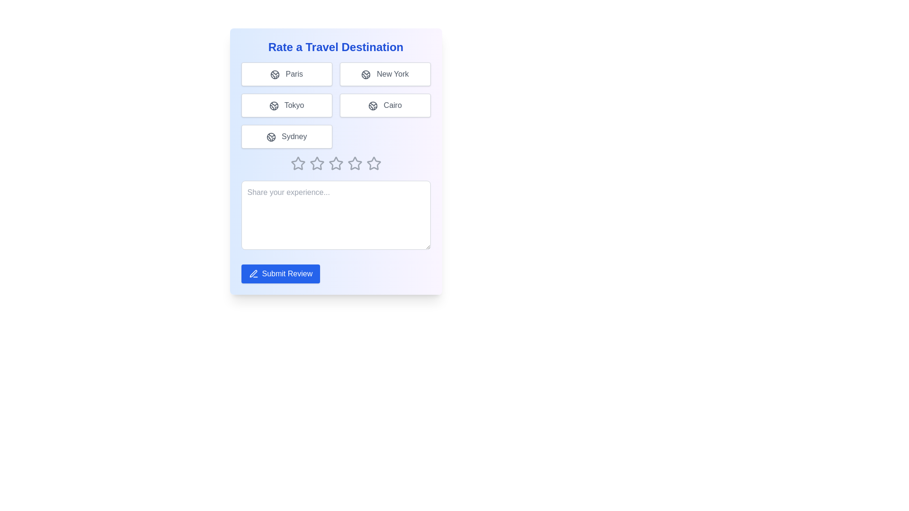 This screenshot has height=511, width=909. What do you see at coordinates (373, 163) in the screenshot?
I see `the fifth star rating icon located at the bottom of the interface, beneath the destination selection options and above the text area` at bounding box center [373, 163].